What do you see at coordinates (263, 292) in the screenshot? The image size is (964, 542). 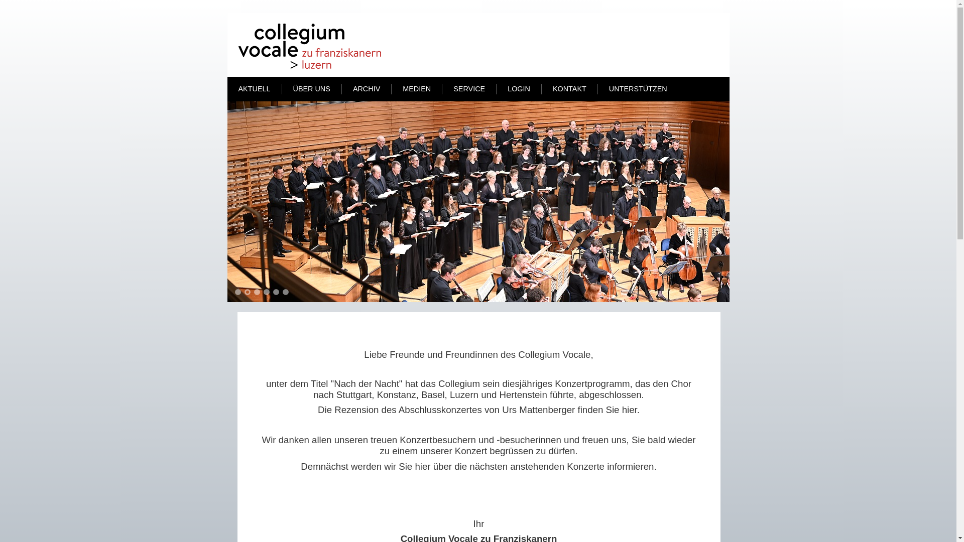 I see `'4'` at bounding box center [263, 292].